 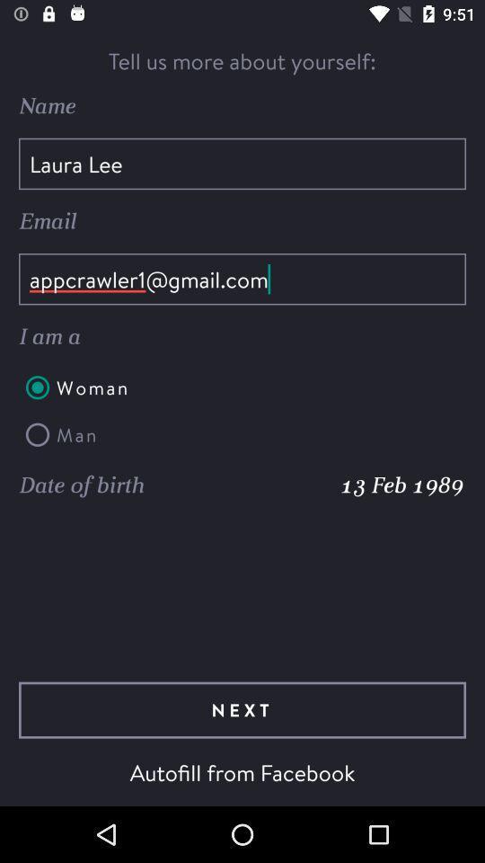 I want to click on the item above email, so click(x=242, y=164).